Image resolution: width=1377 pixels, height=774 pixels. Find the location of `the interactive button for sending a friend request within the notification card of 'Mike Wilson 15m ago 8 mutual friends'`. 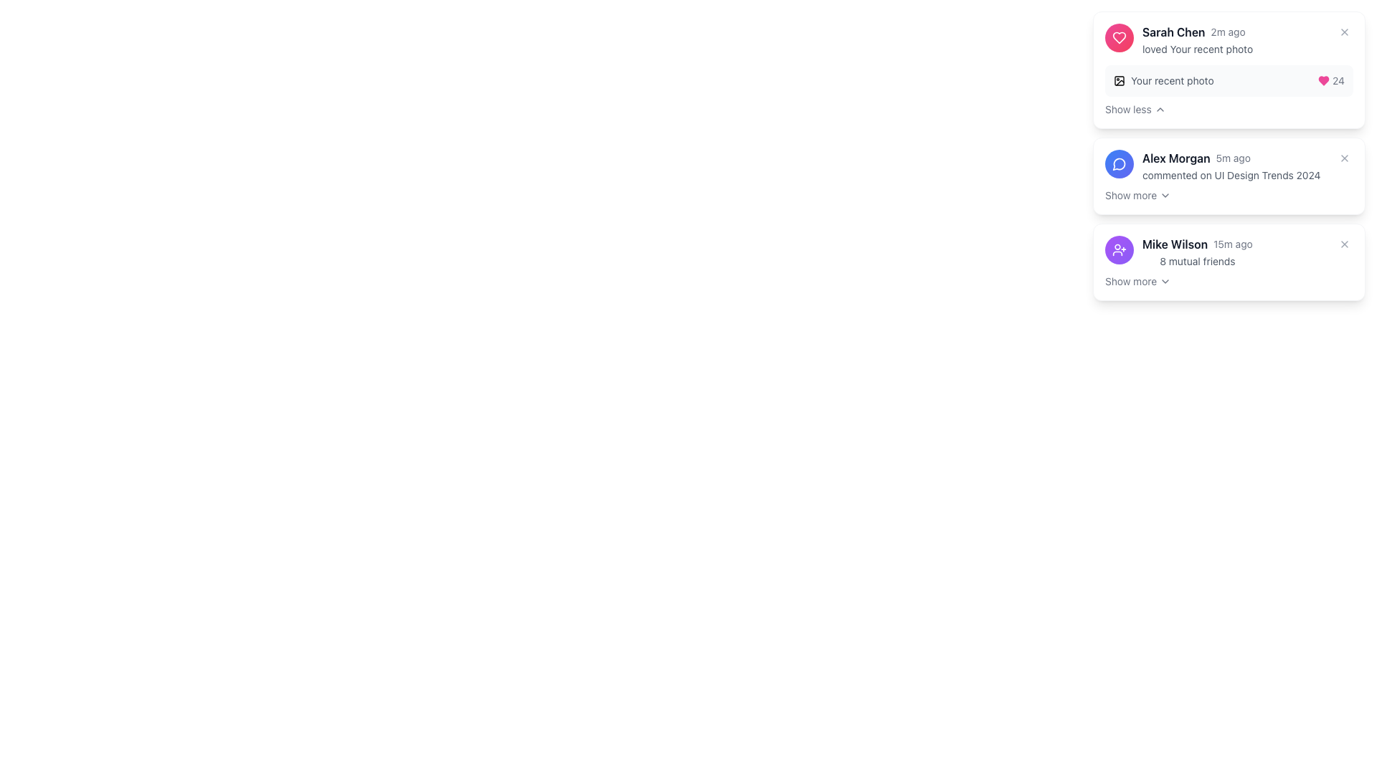

the interactive button for sending a friend request within the notification card of 'Mike Wilson 15m ago 8 mutual friends' is located at coordinates (1118, 249).